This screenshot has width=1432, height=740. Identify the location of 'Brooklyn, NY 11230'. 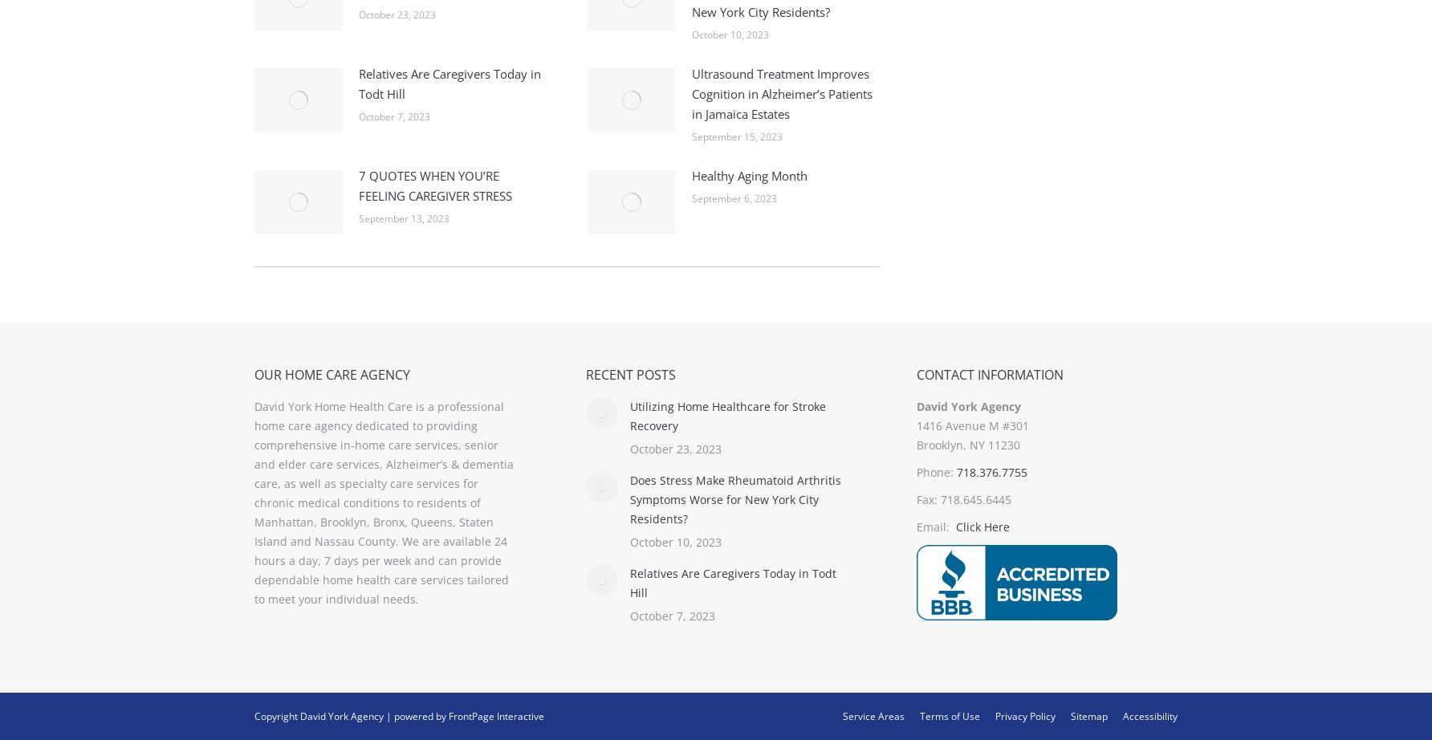
(968, 445).